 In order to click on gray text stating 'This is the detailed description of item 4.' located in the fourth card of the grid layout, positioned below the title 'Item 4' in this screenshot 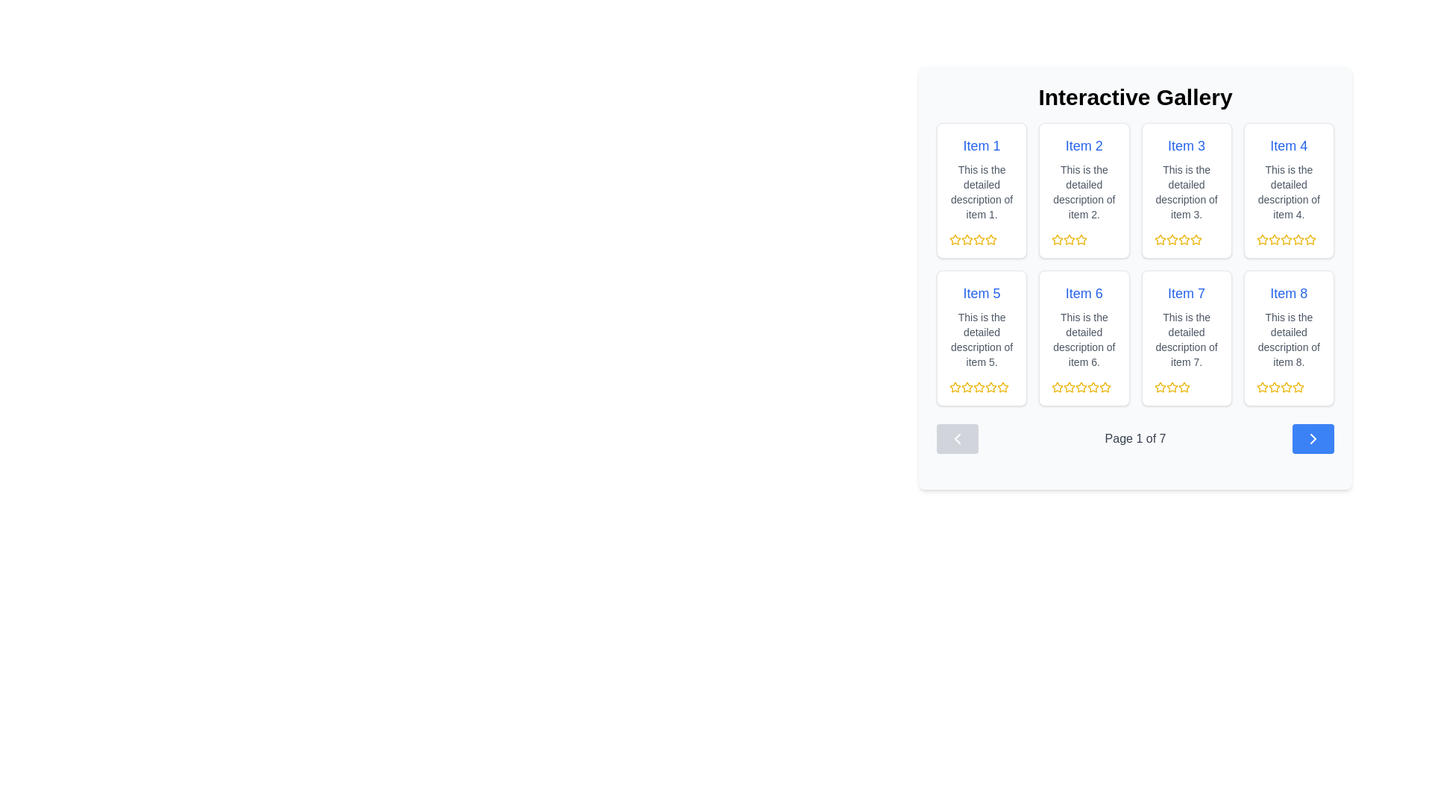, I will do `click(1288, 192)`.